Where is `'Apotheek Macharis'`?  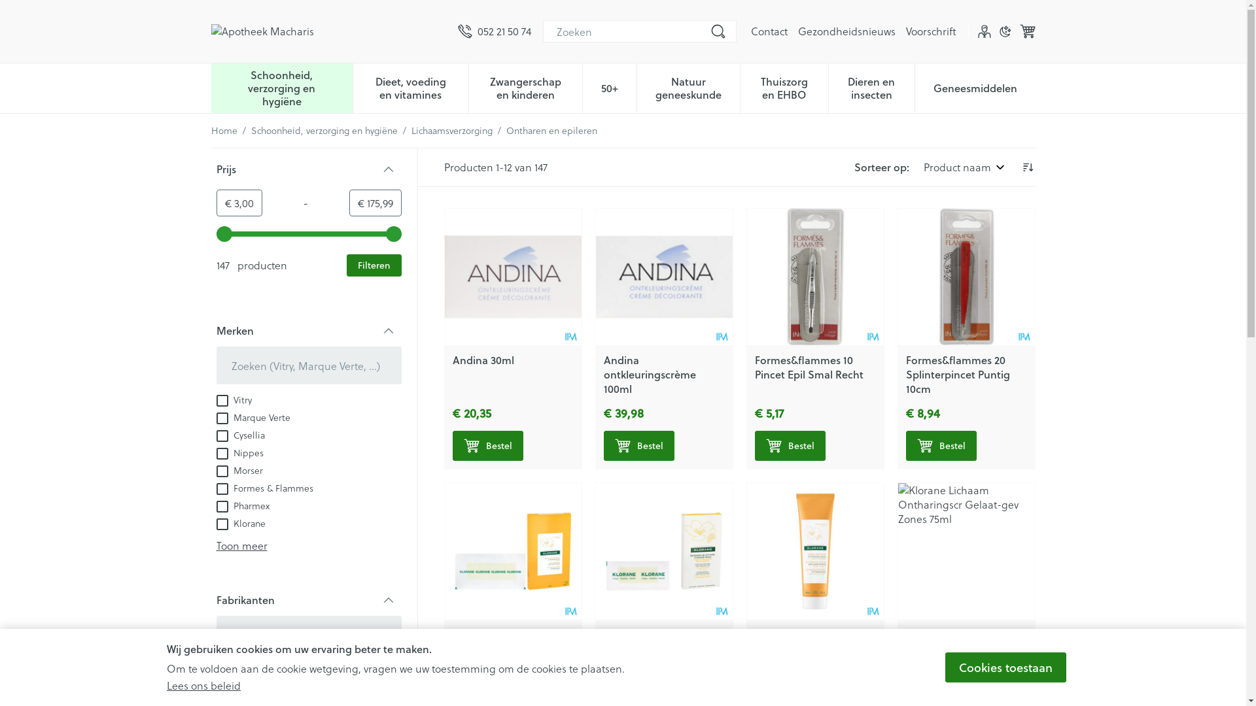 'Apotheek Macharis' is located at coordinates (262, 30).